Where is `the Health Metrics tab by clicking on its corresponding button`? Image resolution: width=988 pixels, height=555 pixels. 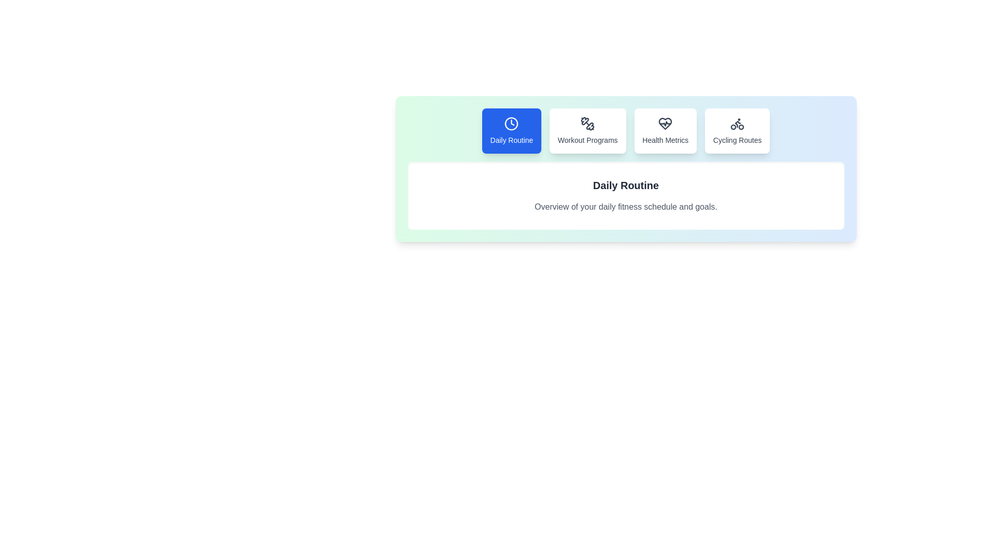 the Health Metrics tab by clicking on its corresponding button is located at coordinates (665, 130).